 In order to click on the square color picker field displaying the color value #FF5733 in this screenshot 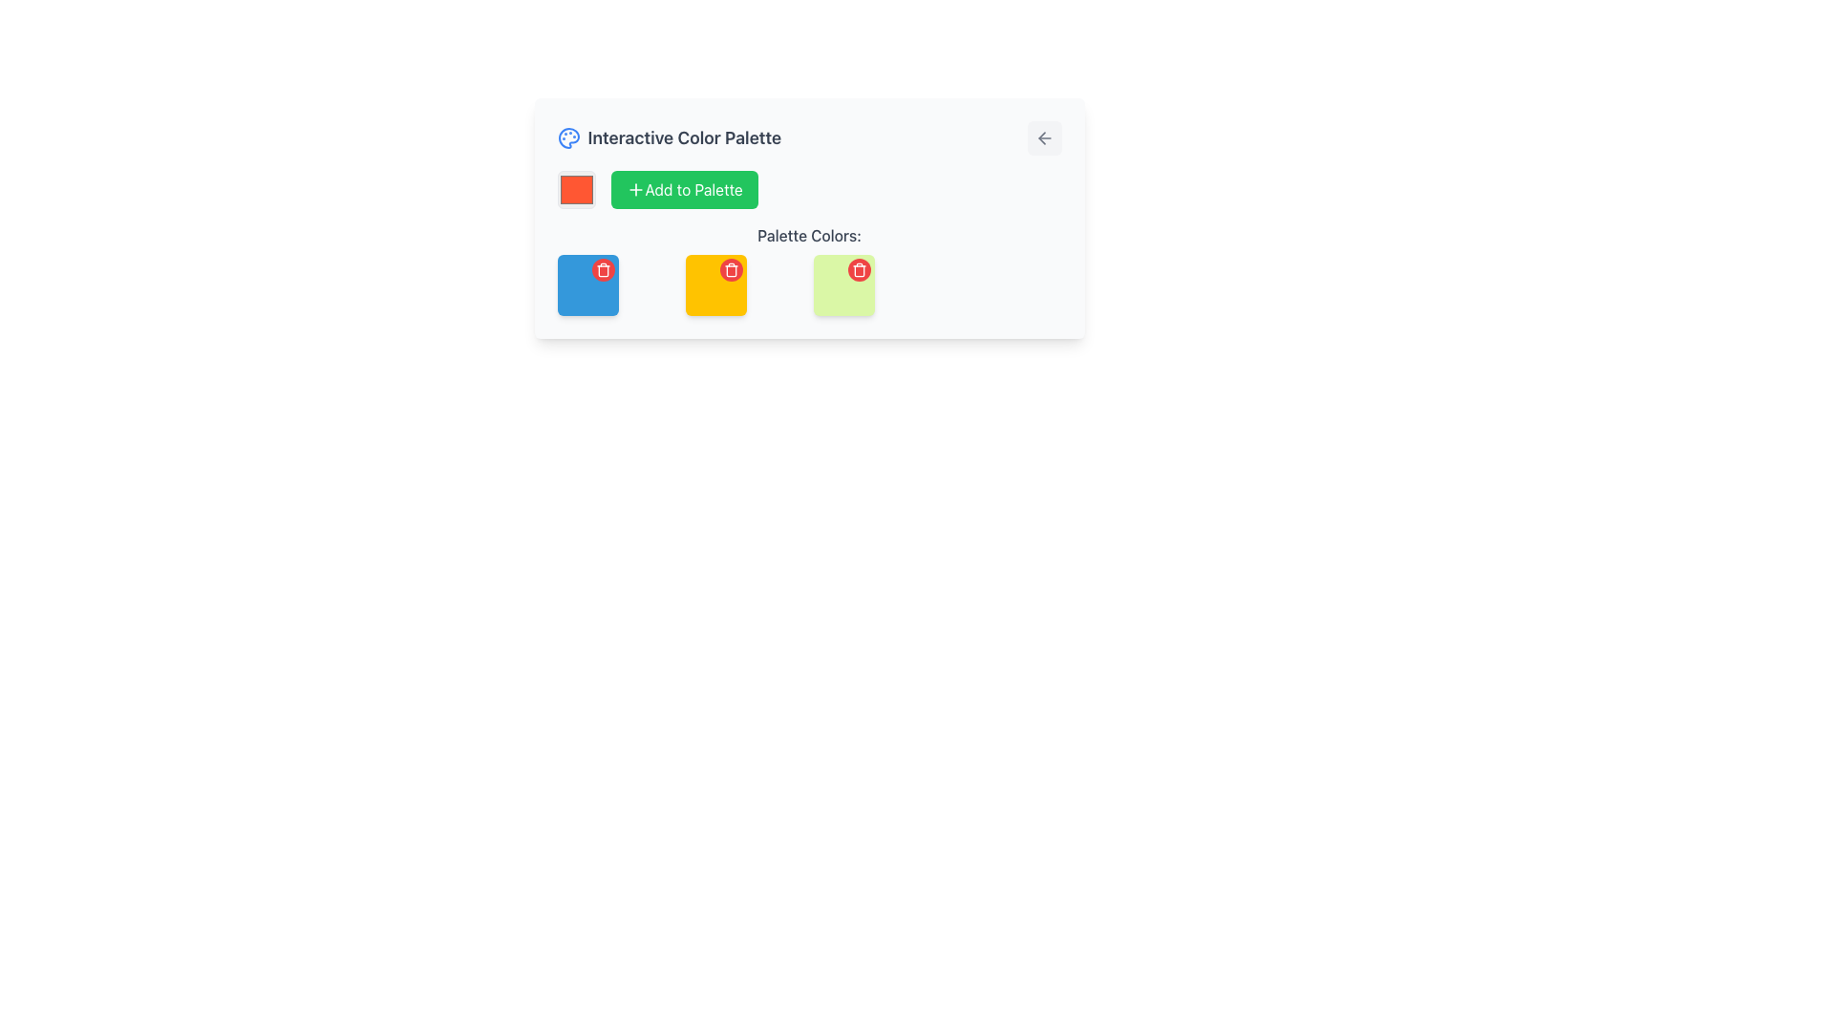, I will do `click(575, 190)`.